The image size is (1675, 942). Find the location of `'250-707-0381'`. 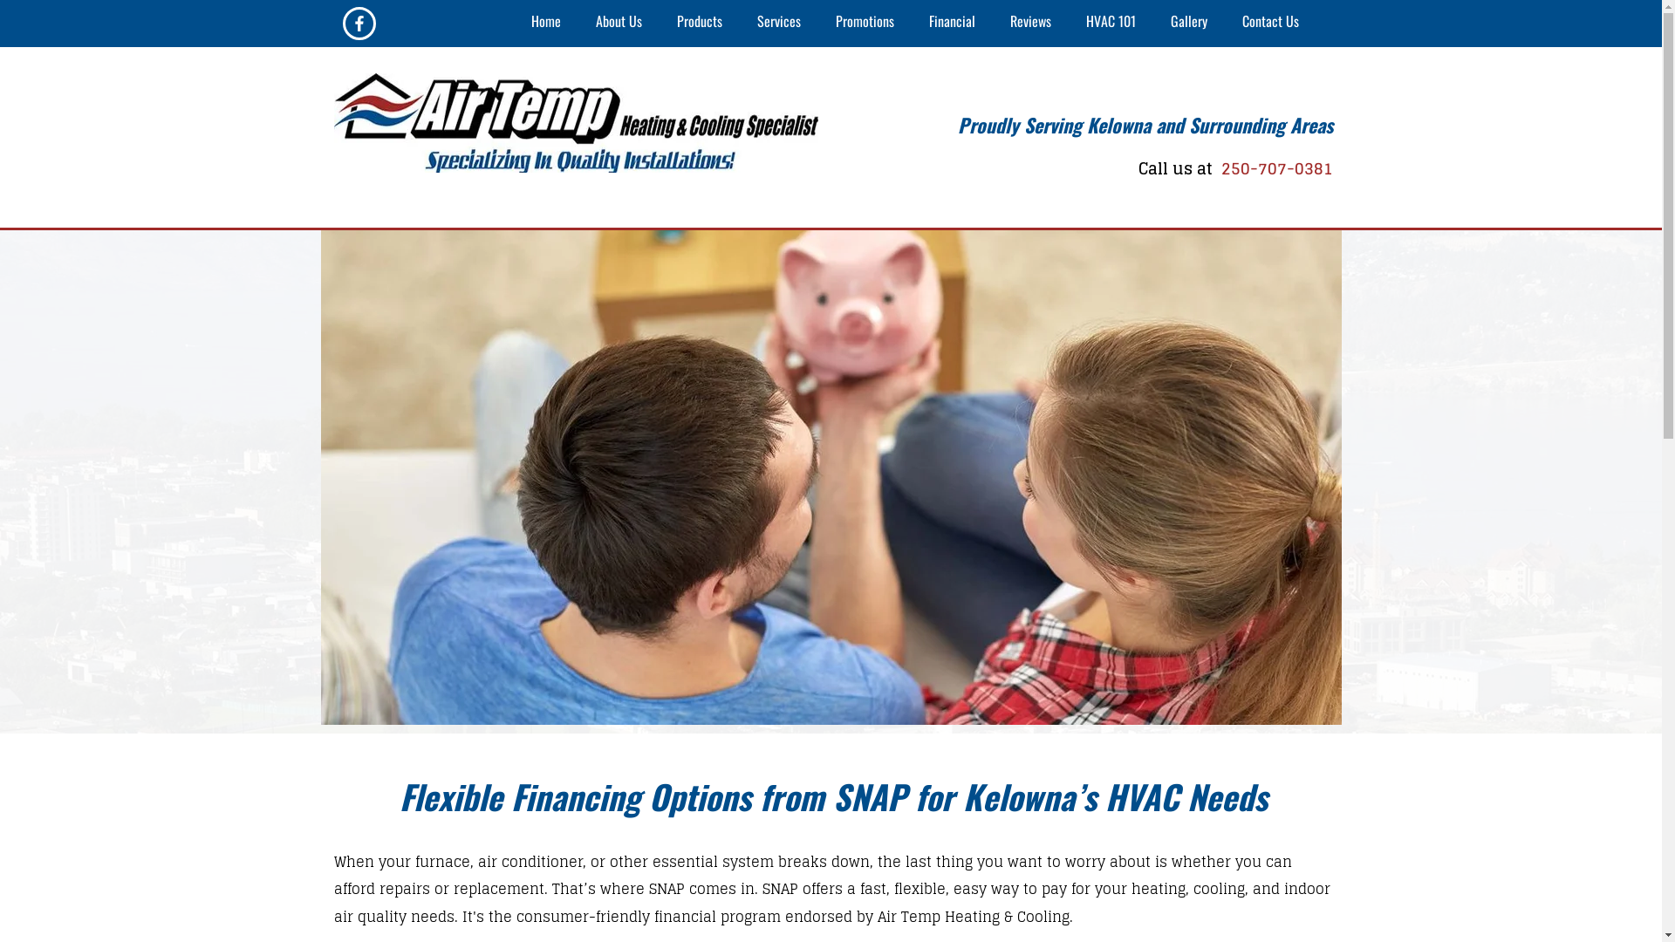

'250-707-0381' is located at coordinates (1214, 167).